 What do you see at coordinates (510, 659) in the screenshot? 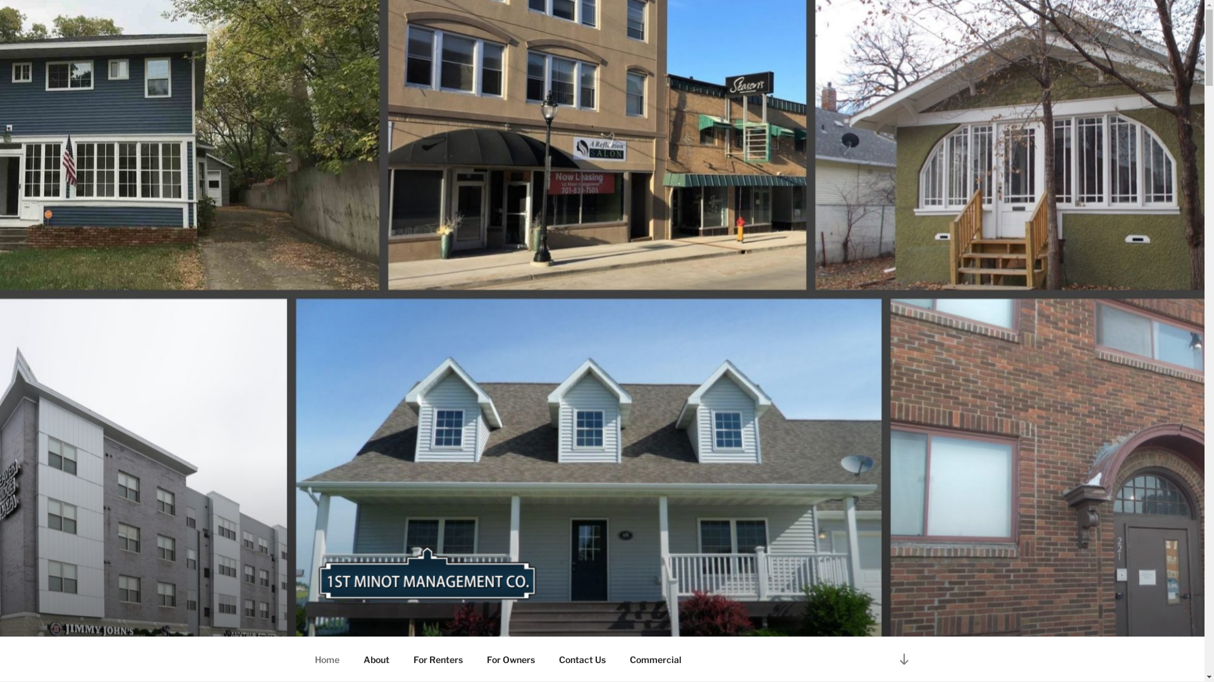
I see `'For Owners'` at bounding box center [510, 659].